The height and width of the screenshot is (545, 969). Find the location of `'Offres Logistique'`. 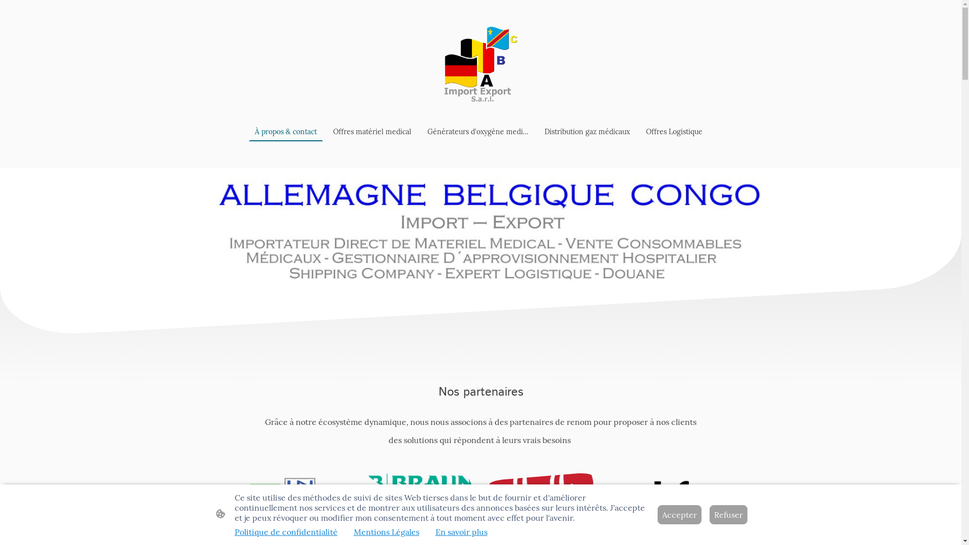

'Offres Logistique' is located at coordinates (674, 131).